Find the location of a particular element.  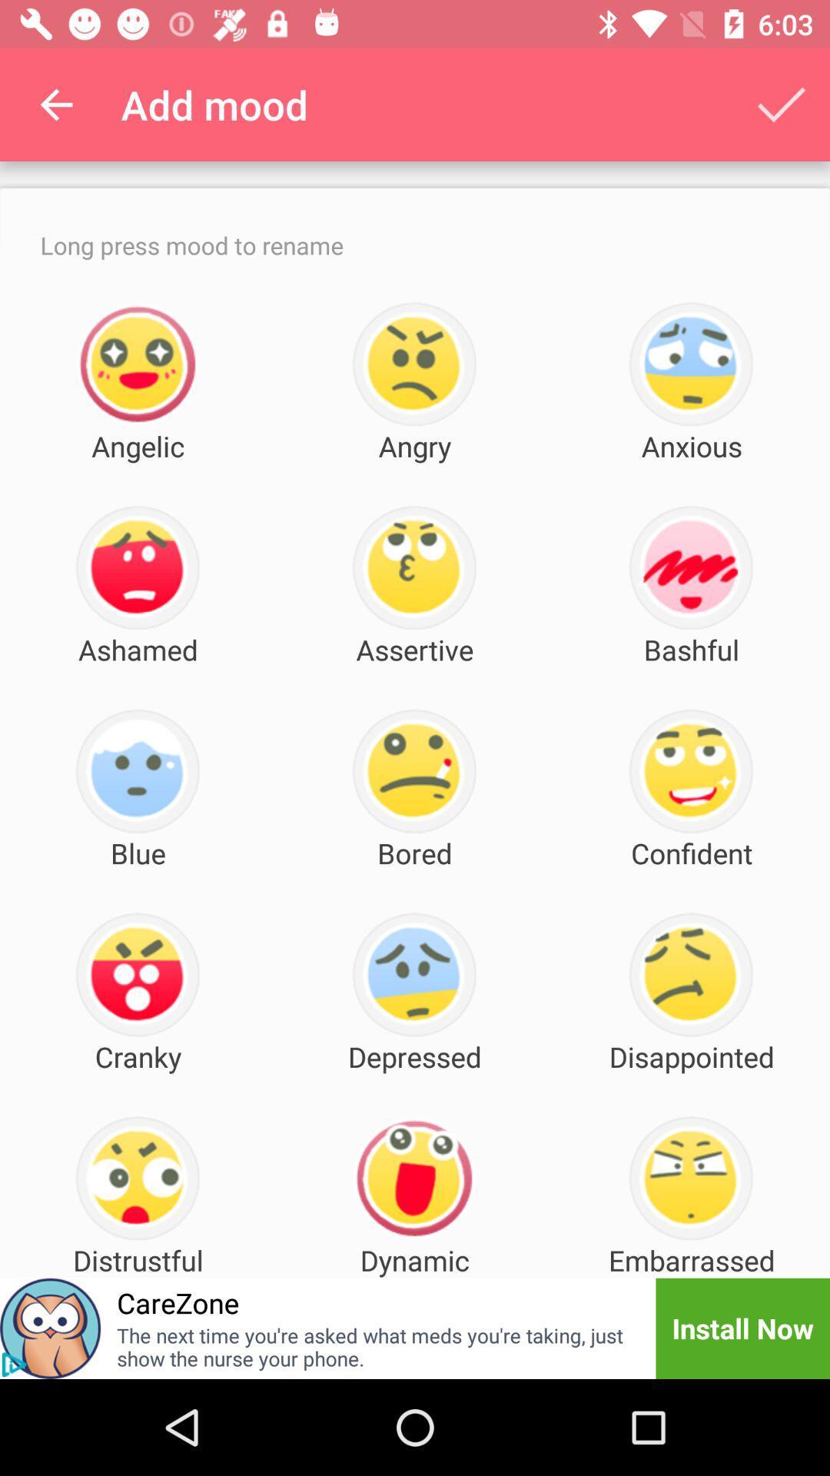

the item next to dynamic icon is located at coordinates (177, 1301).